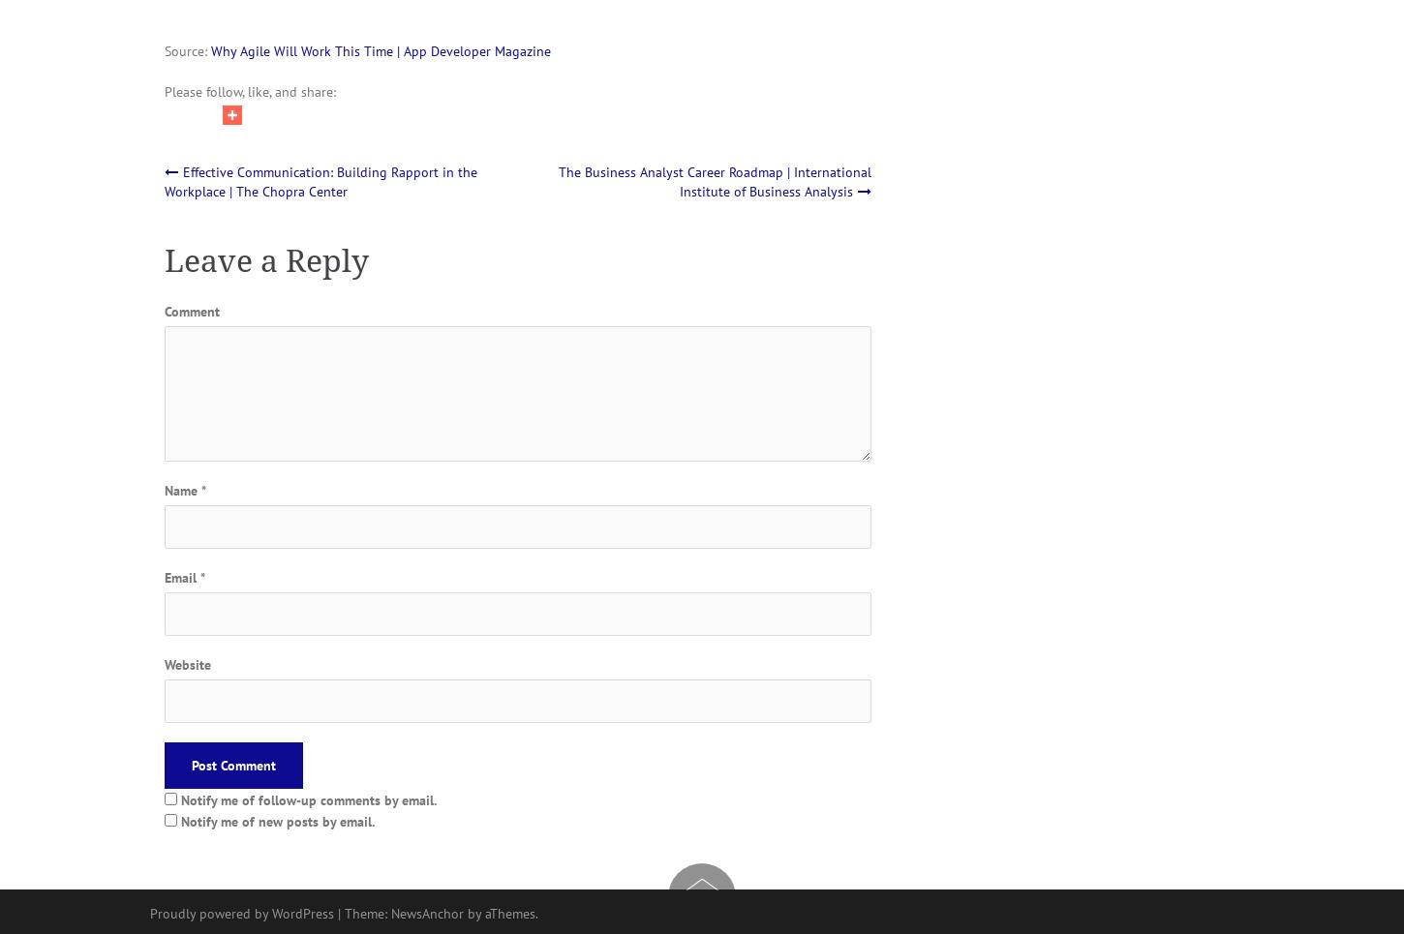 This screenshot has height=934, width=1404. I want to click on 'Name', so click(181, 491).